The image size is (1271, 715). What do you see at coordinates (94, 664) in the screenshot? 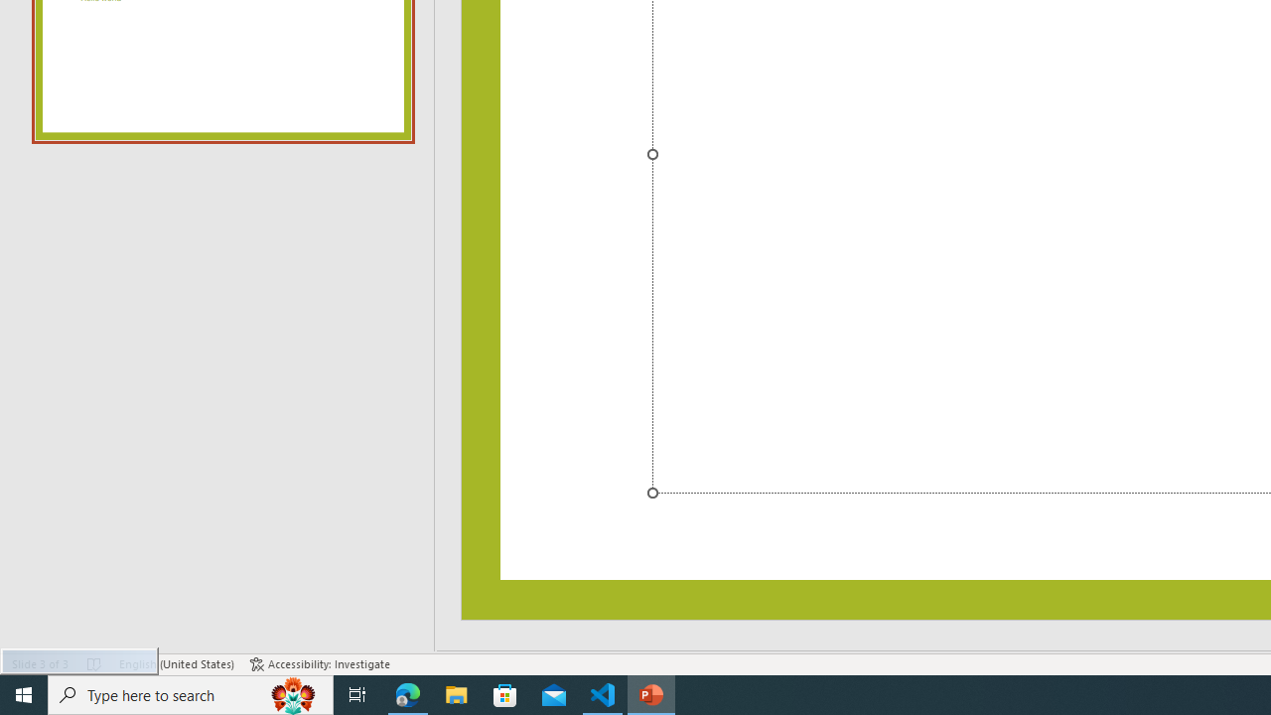
I see `'Spell Check No Errors'` at bounding box center [94, 664].